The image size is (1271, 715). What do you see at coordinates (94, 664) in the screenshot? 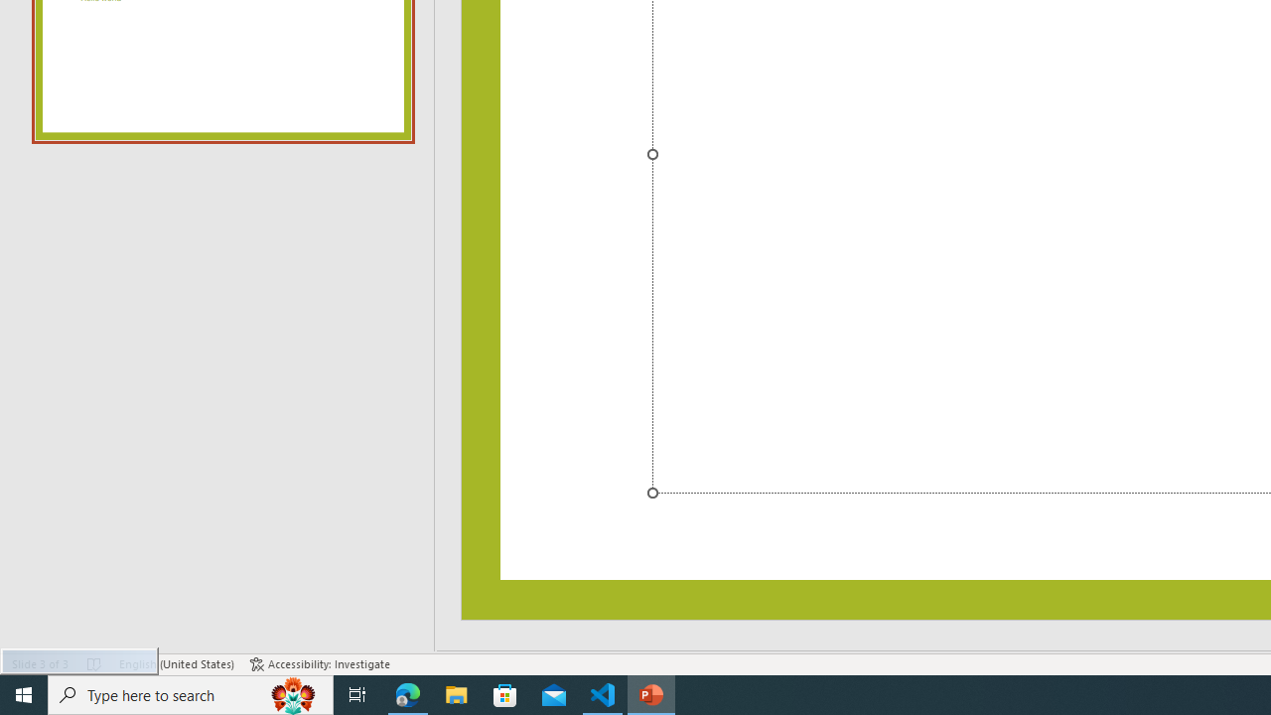
I see `'Spell Check No Errors'` at bounding box center [94, 664].